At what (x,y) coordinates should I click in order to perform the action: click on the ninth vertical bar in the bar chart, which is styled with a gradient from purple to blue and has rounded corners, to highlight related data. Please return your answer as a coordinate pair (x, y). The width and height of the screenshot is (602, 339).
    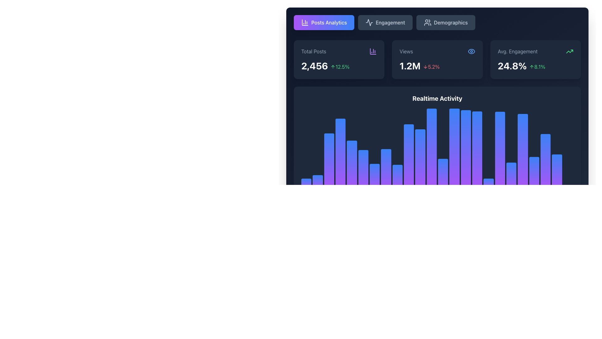
    Looking at the image, I should click on (397, 163).